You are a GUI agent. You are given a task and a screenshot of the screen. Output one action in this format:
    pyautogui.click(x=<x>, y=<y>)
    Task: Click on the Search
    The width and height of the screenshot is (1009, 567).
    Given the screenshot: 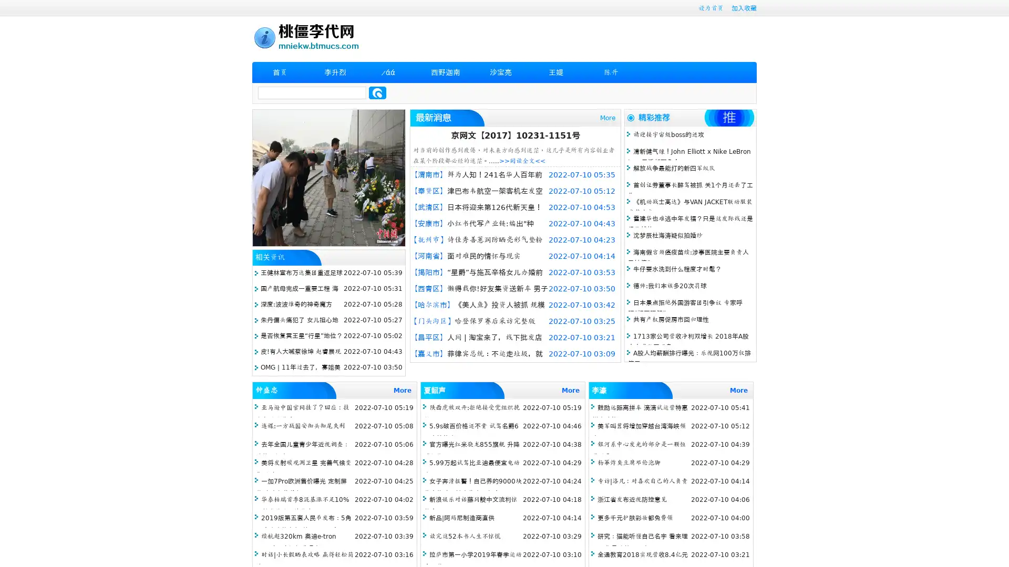 What is the action you would take?
    pyautogui.click(x=377, y=92)
    